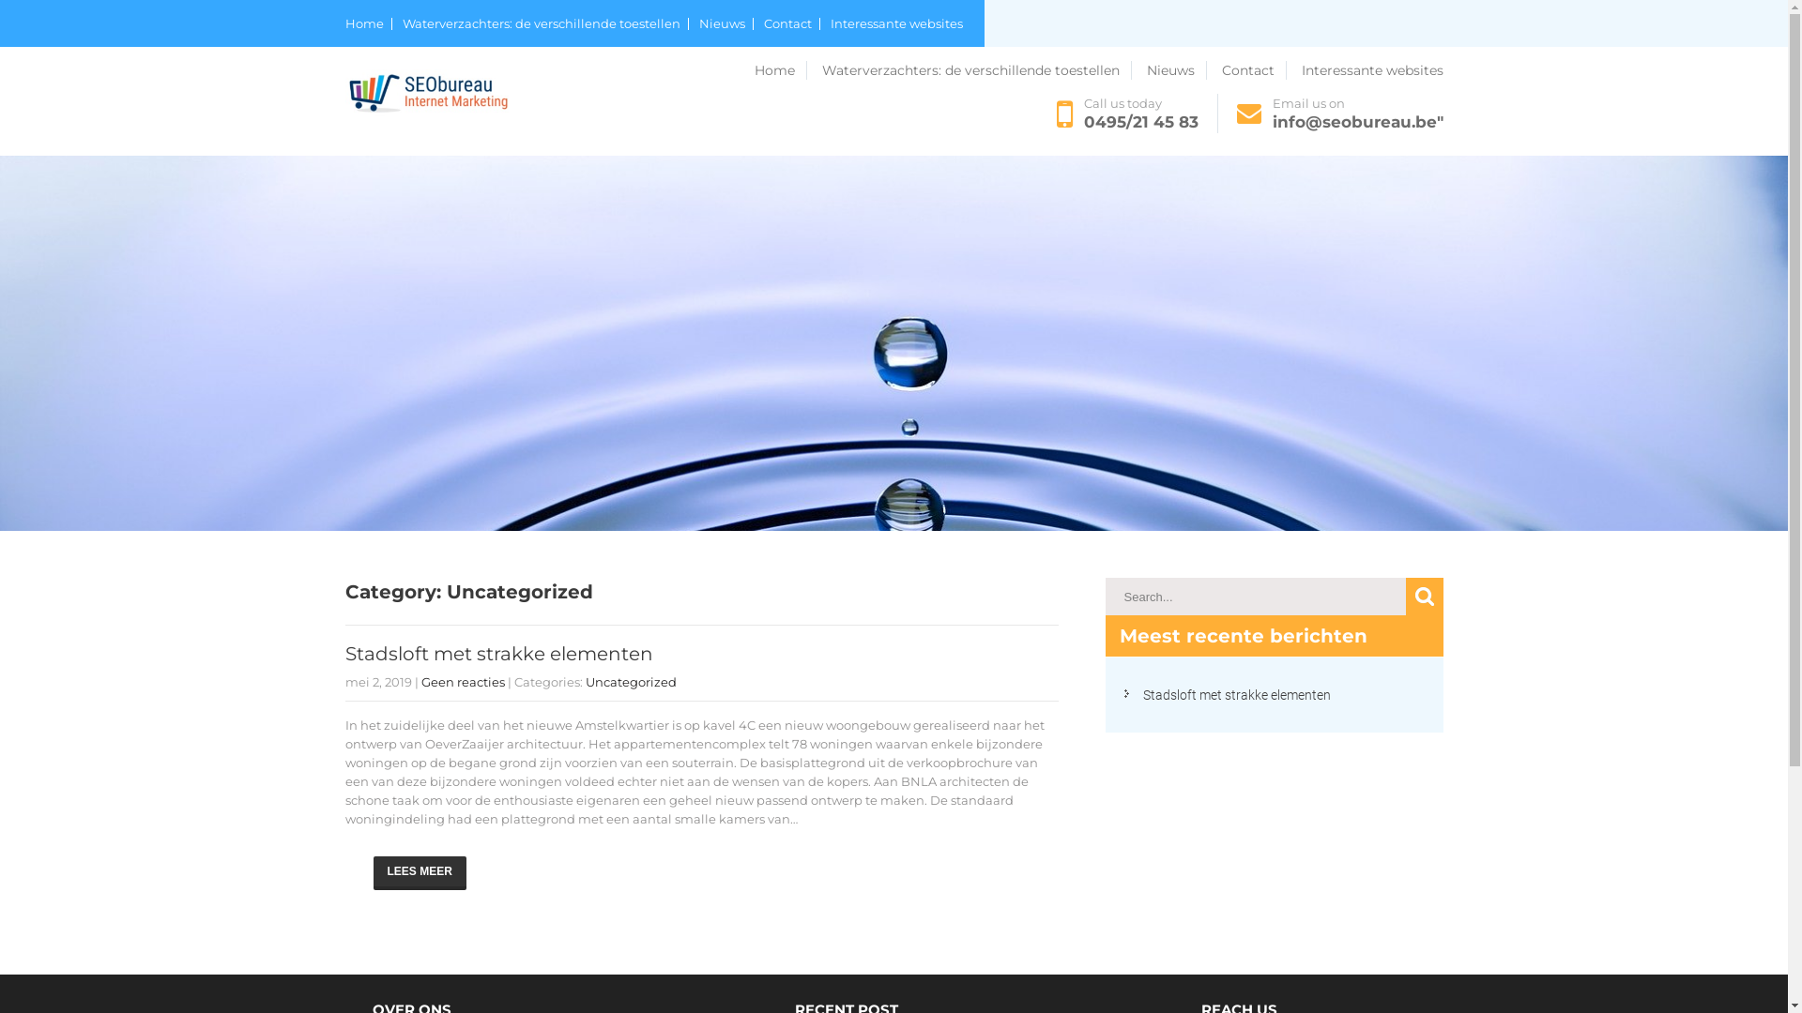 This screenshot has height=1013, width=1802. What do you see at coordinates (631, 681) in the screenshot?
I see `'Uncategorized'` at bounding box center [631, 681].